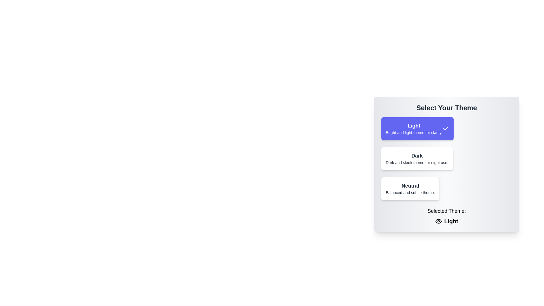  What do you see at coordinates (438, 221) in the screenshot?
I see `the eye icon located to the left of the text 'Light' in the 'Selected Theme' section at the bottom of the layout` at bounding box center [438, 221].